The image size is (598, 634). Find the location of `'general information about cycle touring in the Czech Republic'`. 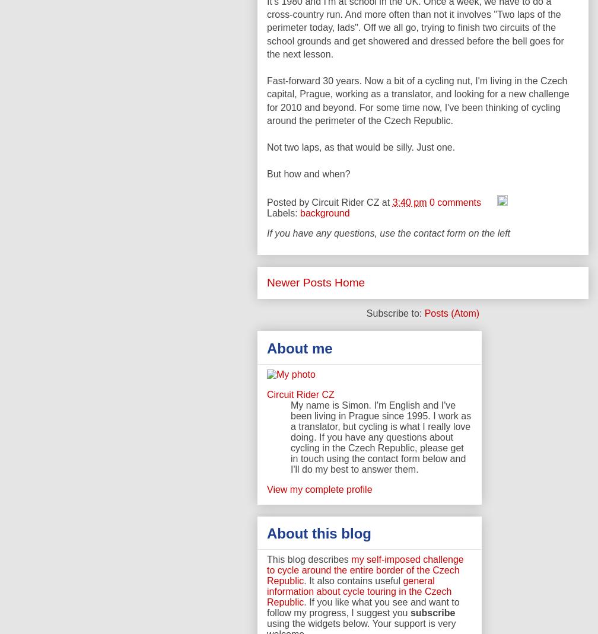

'general information about cycle touring in the Czech Republic' is located at coordinates (266, 591).